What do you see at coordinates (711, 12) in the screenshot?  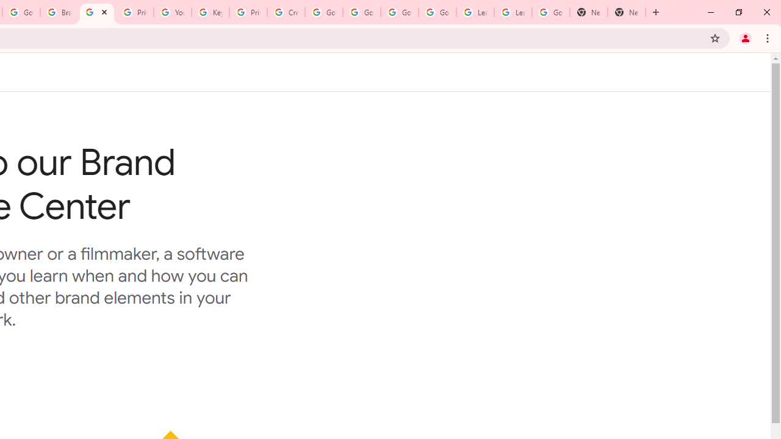 I see `'Minimize'` at bounding box center [711, 12].